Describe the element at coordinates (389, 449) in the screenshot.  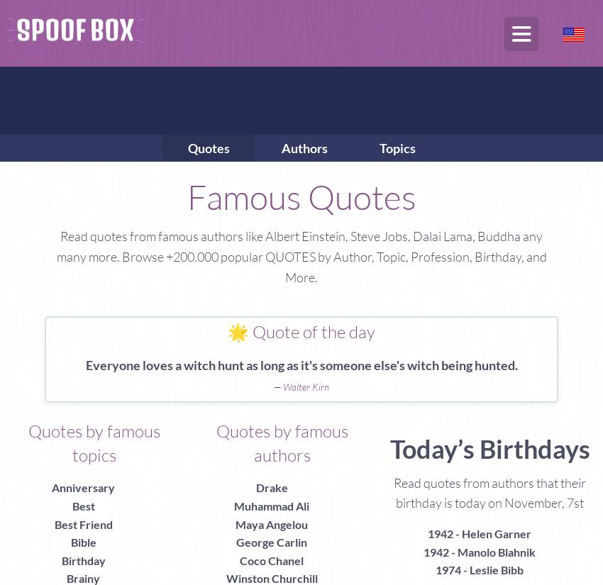
I see `'Today’s Birthdays'` at that location.